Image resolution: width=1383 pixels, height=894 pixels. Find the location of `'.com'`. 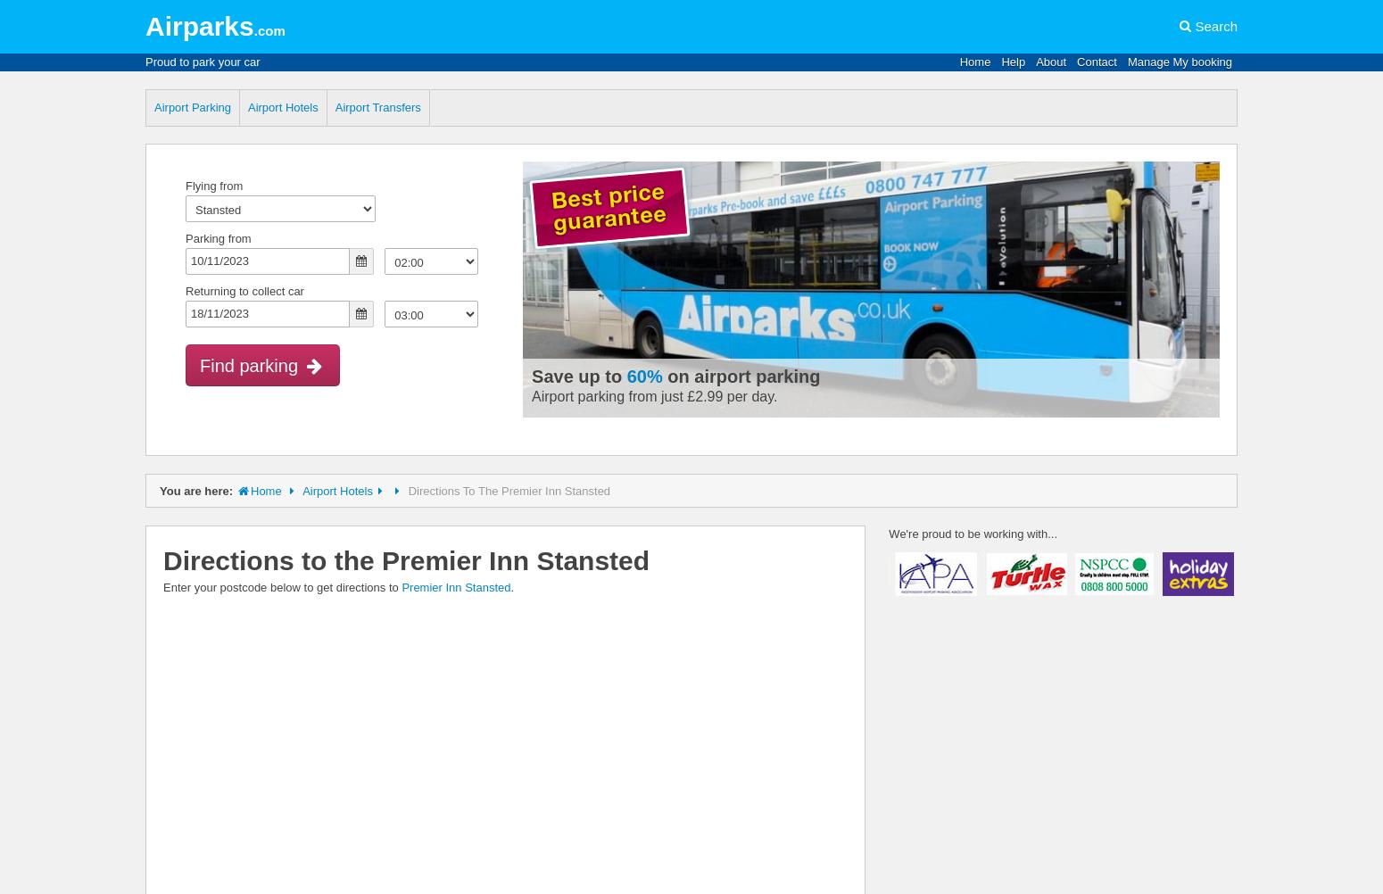

'.com' is located at coordinates (253, 30).